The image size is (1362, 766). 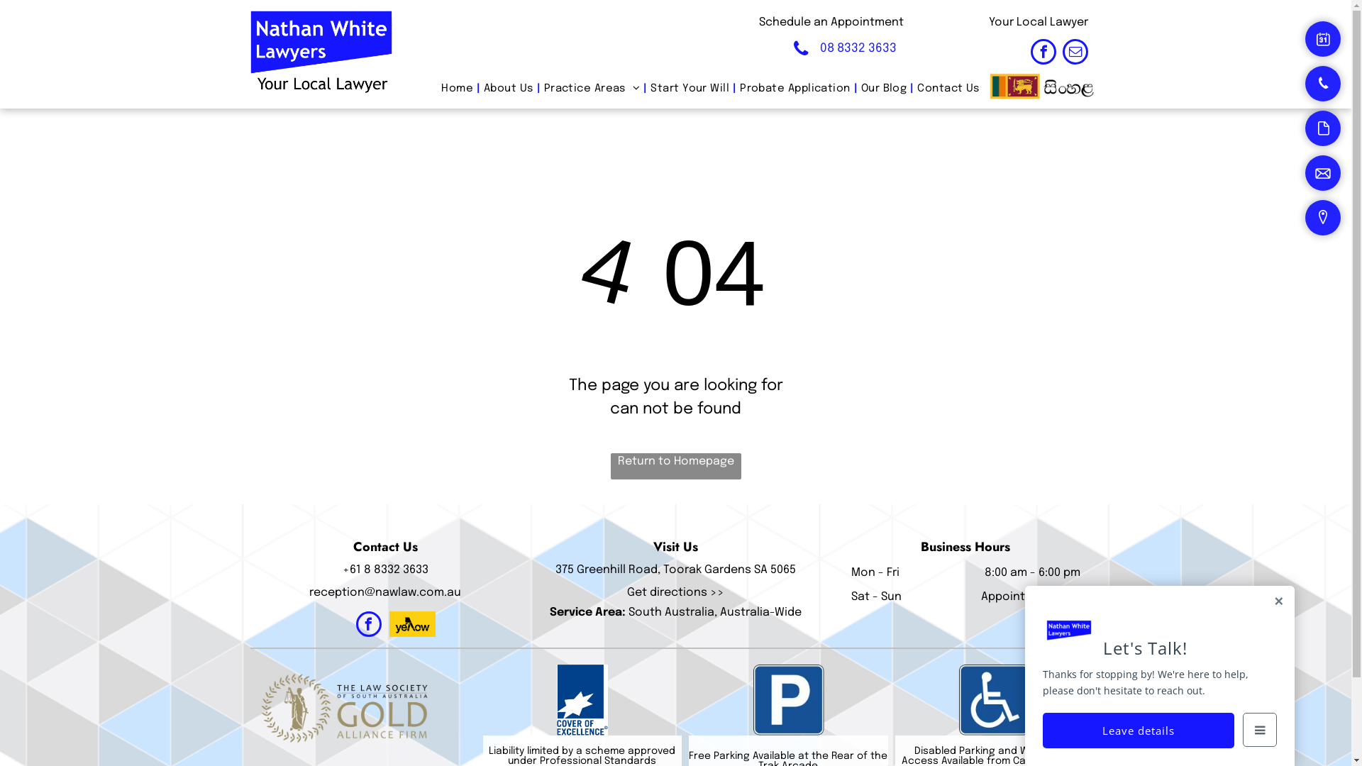 I want to click on 'About Us', so click(x=508, y=89).